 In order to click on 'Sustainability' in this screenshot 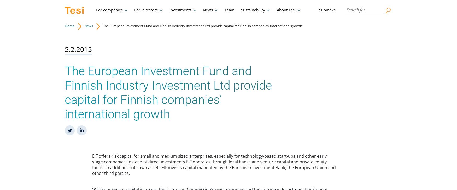, I will do `click(253, 10)`.